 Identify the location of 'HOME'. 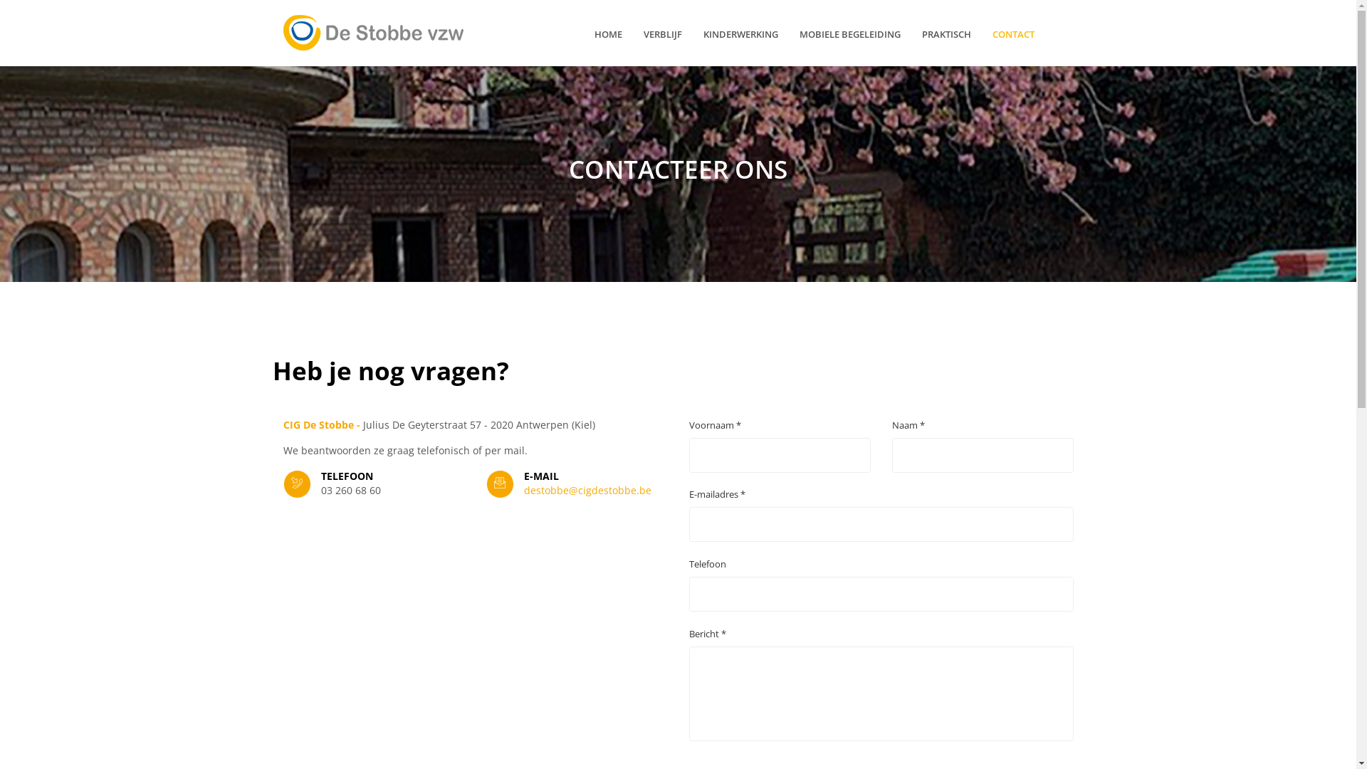
(608, 33).